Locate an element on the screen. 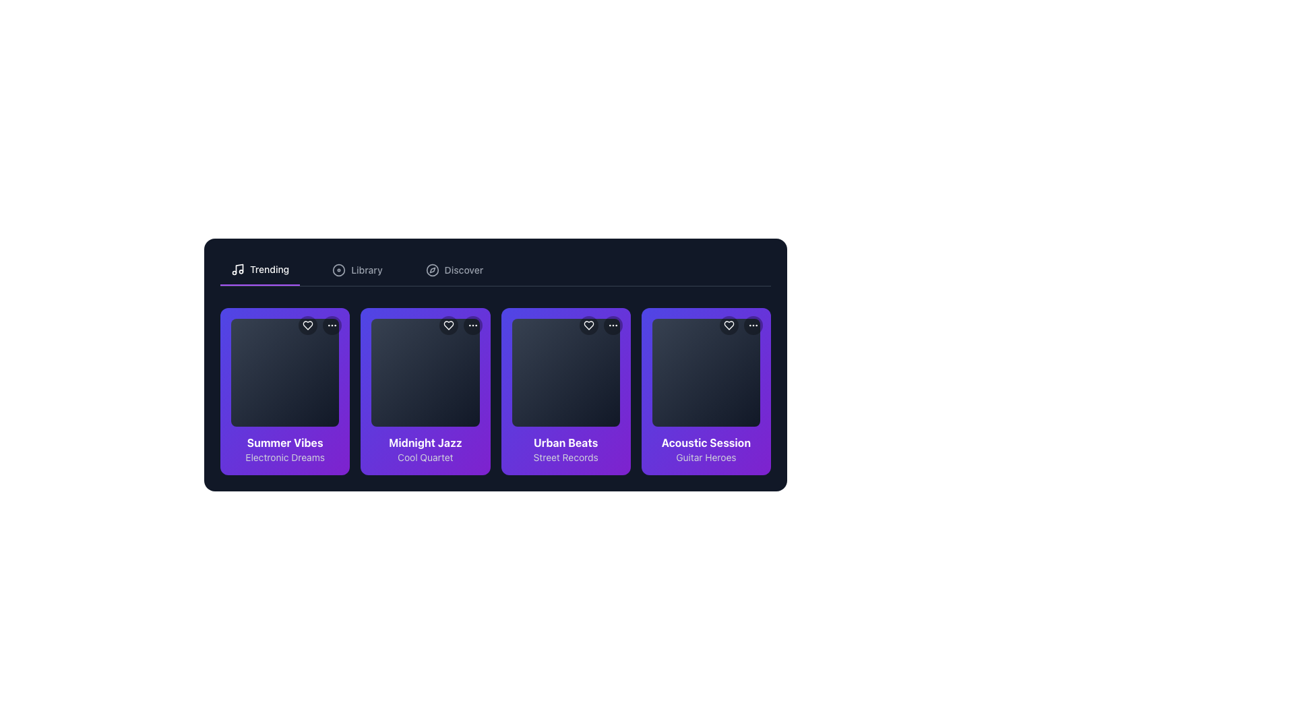  the heart-shaped icon button with a hollow center located in the top-right corner of the 'Acoustic Session' card in the 'Trending' section to like or favorite the item is located at coordinates (728, 325).